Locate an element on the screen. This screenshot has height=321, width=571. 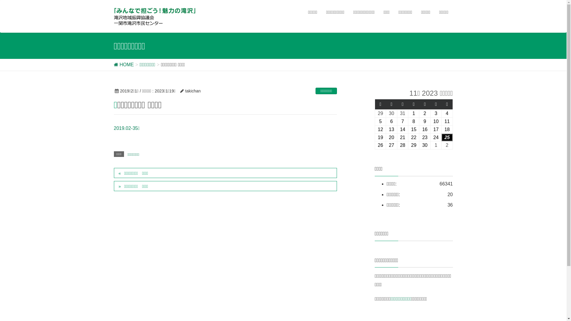
'HOME' is located at coordinates (114, 64).